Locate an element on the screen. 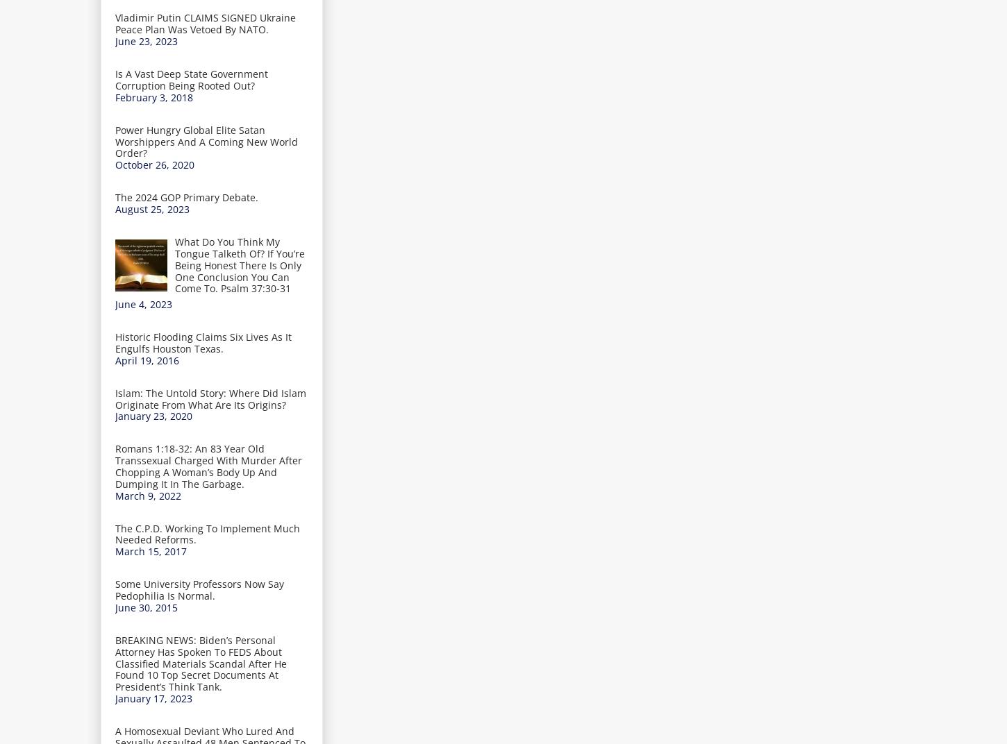 The image size is (1007, 744). 'Historic Flooding Claims Six Lives As It Engulfs Houston Texas.' is located at coordinates (203, 342).